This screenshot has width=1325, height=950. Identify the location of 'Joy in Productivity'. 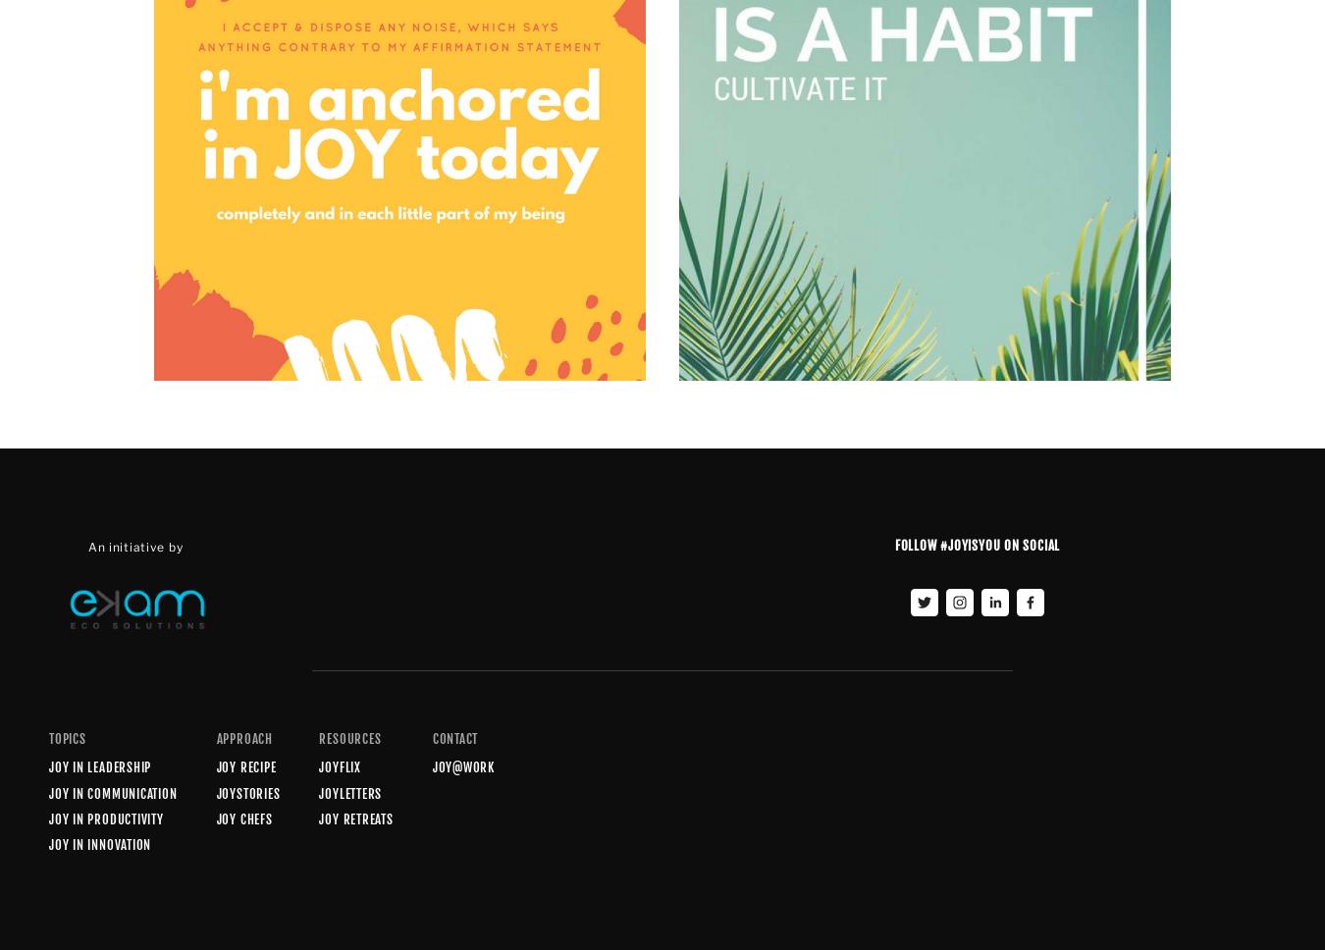
(105, 818).